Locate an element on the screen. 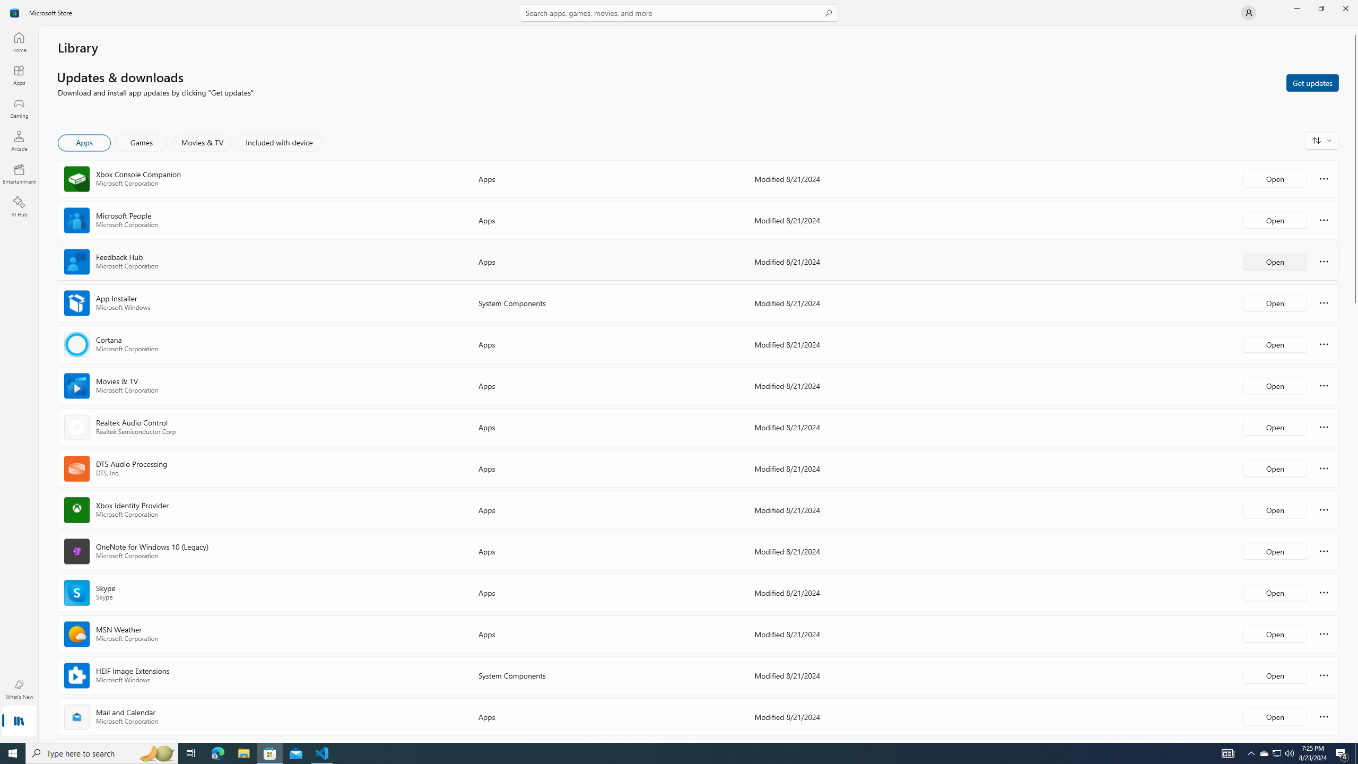  'Entertainment' is located at coordinates (18, 173).